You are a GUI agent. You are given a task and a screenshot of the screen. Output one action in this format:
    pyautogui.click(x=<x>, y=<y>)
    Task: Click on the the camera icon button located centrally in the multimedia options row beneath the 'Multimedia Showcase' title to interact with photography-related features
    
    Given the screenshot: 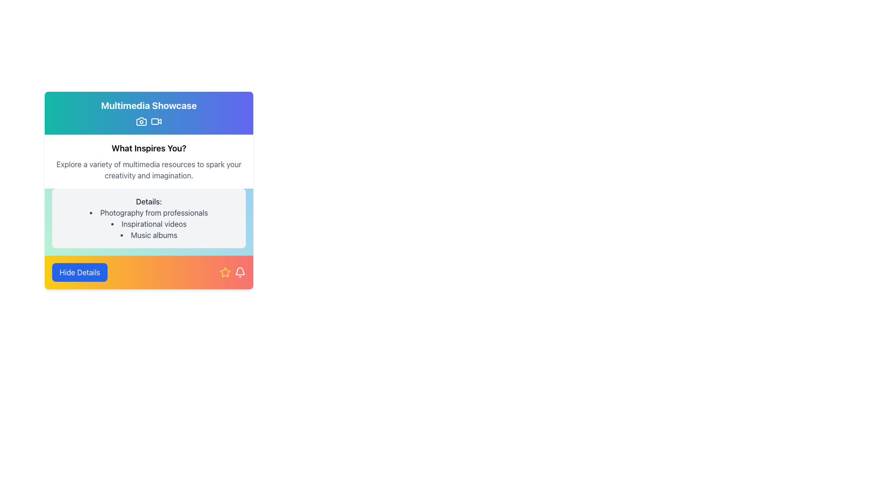 What is the action you would take?
    pyautogui.click(x=141, y=121)
    